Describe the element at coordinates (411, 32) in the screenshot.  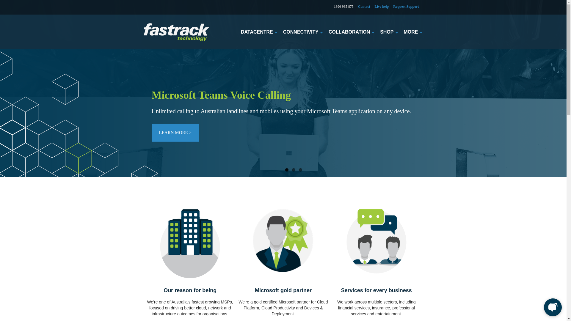
I see `'MORE'` at that location.